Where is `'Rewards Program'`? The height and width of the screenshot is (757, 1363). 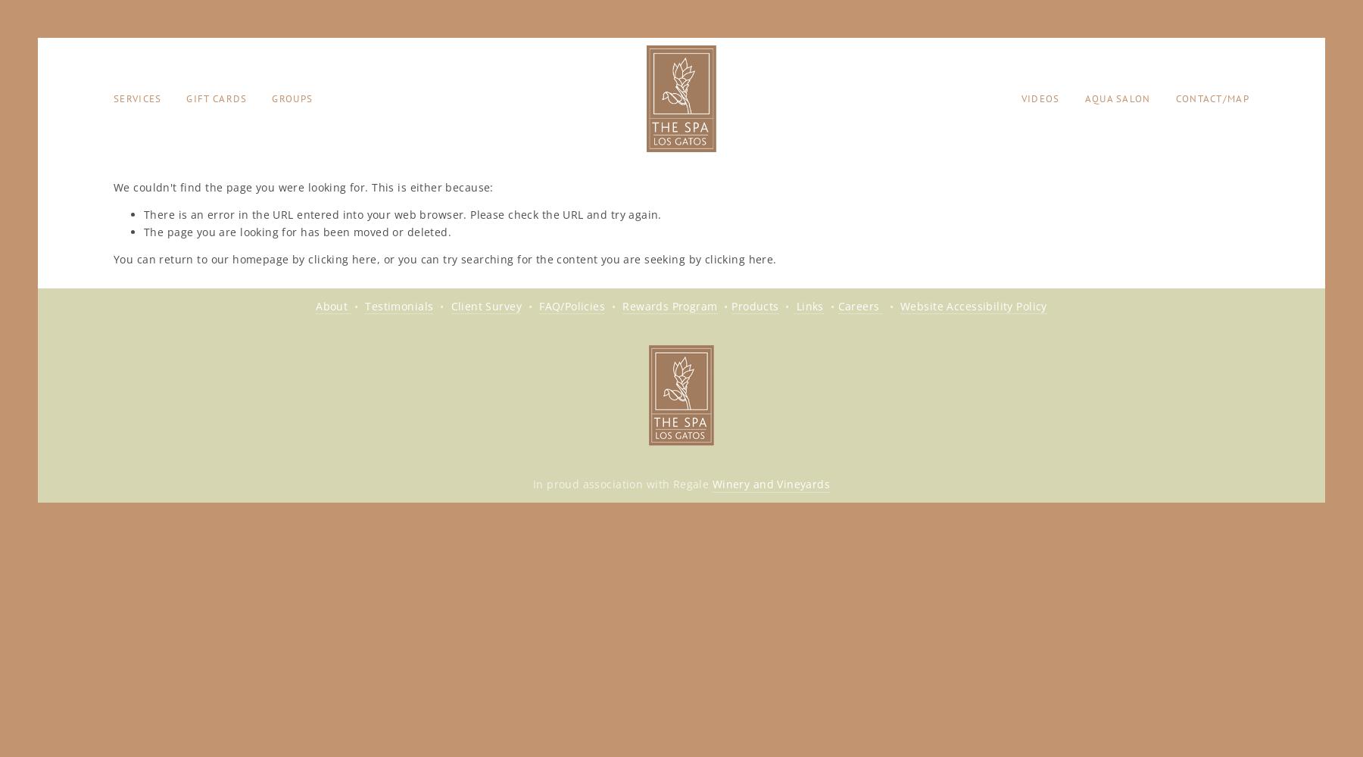 'Rewards Program' is located at coordinates (669, 305).